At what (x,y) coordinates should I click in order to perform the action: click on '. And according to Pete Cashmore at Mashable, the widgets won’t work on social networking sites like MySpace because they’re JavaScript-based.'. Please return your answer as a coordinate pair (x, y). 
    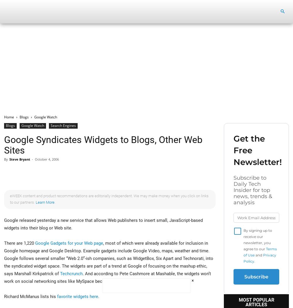
    Looking at the image, I should click on (107, 277).